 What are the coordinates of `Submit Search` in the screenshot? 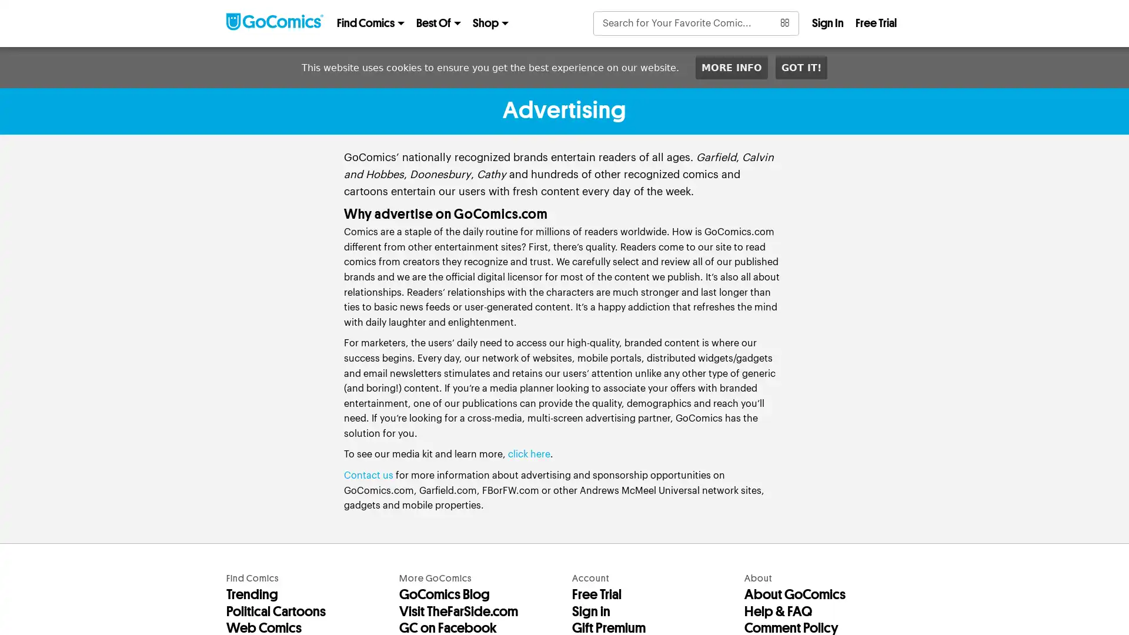 It's located at (784, 23).